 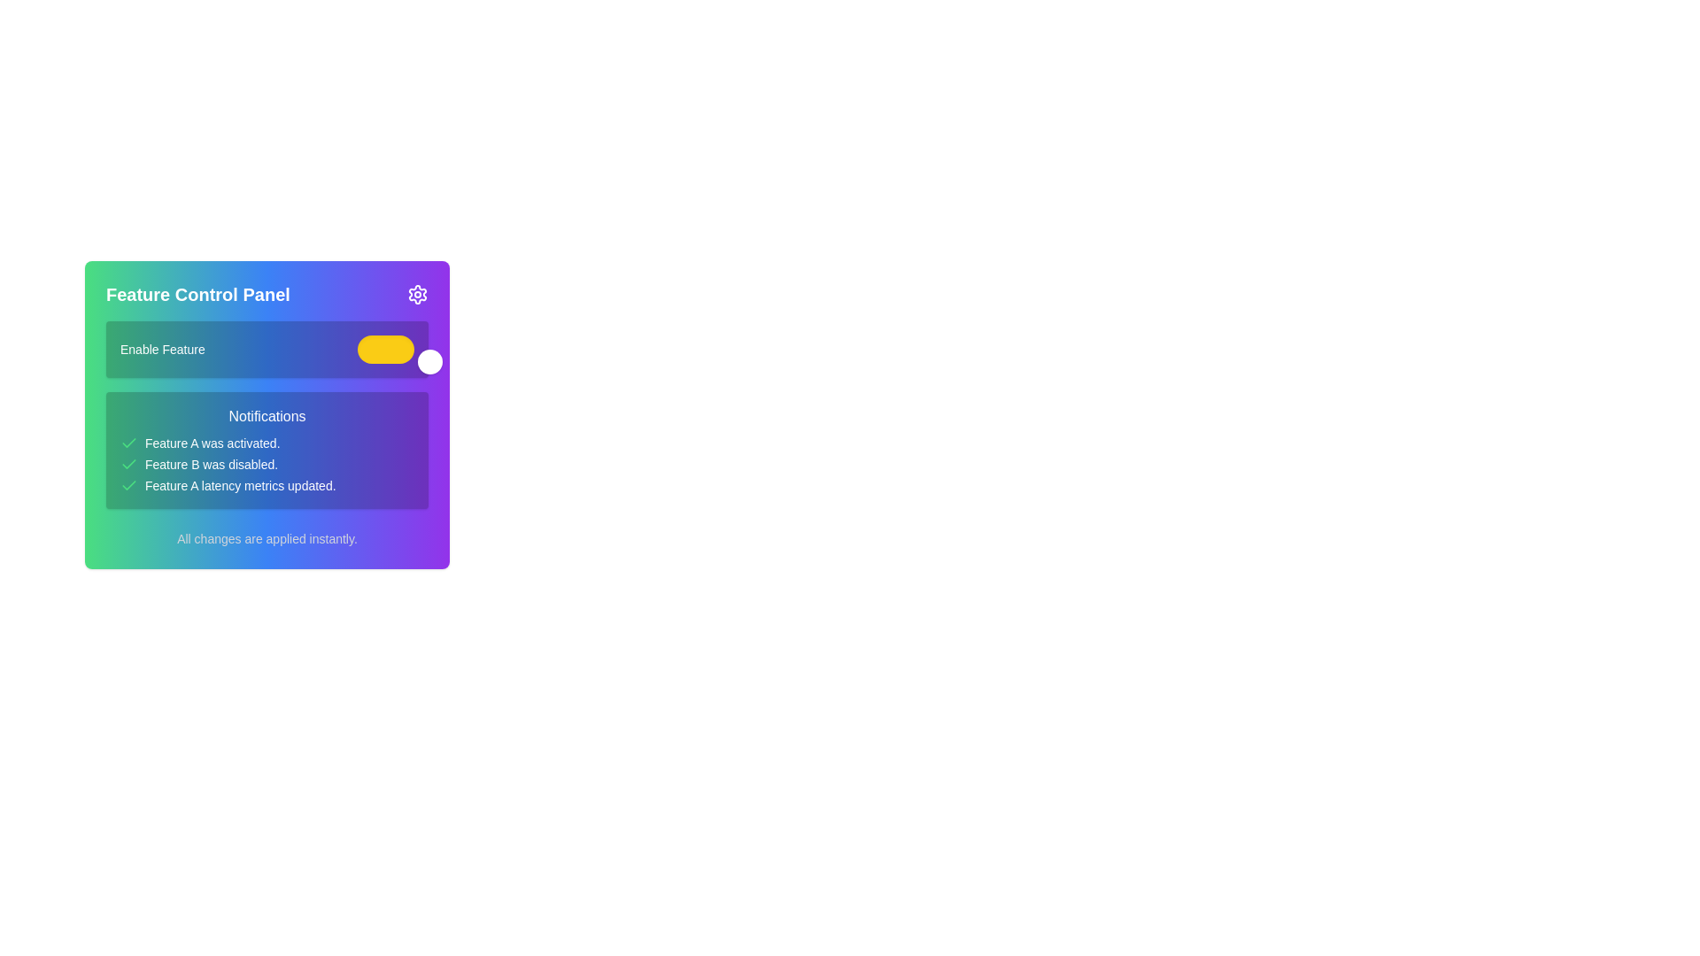 What do you see at coordinates (416, 293) in the screenshot?
I see `the Settings Icon, a cogwheel-shaped icon located at the top-right corner of the Feature Control Panel` at bounding box center [416, 293].